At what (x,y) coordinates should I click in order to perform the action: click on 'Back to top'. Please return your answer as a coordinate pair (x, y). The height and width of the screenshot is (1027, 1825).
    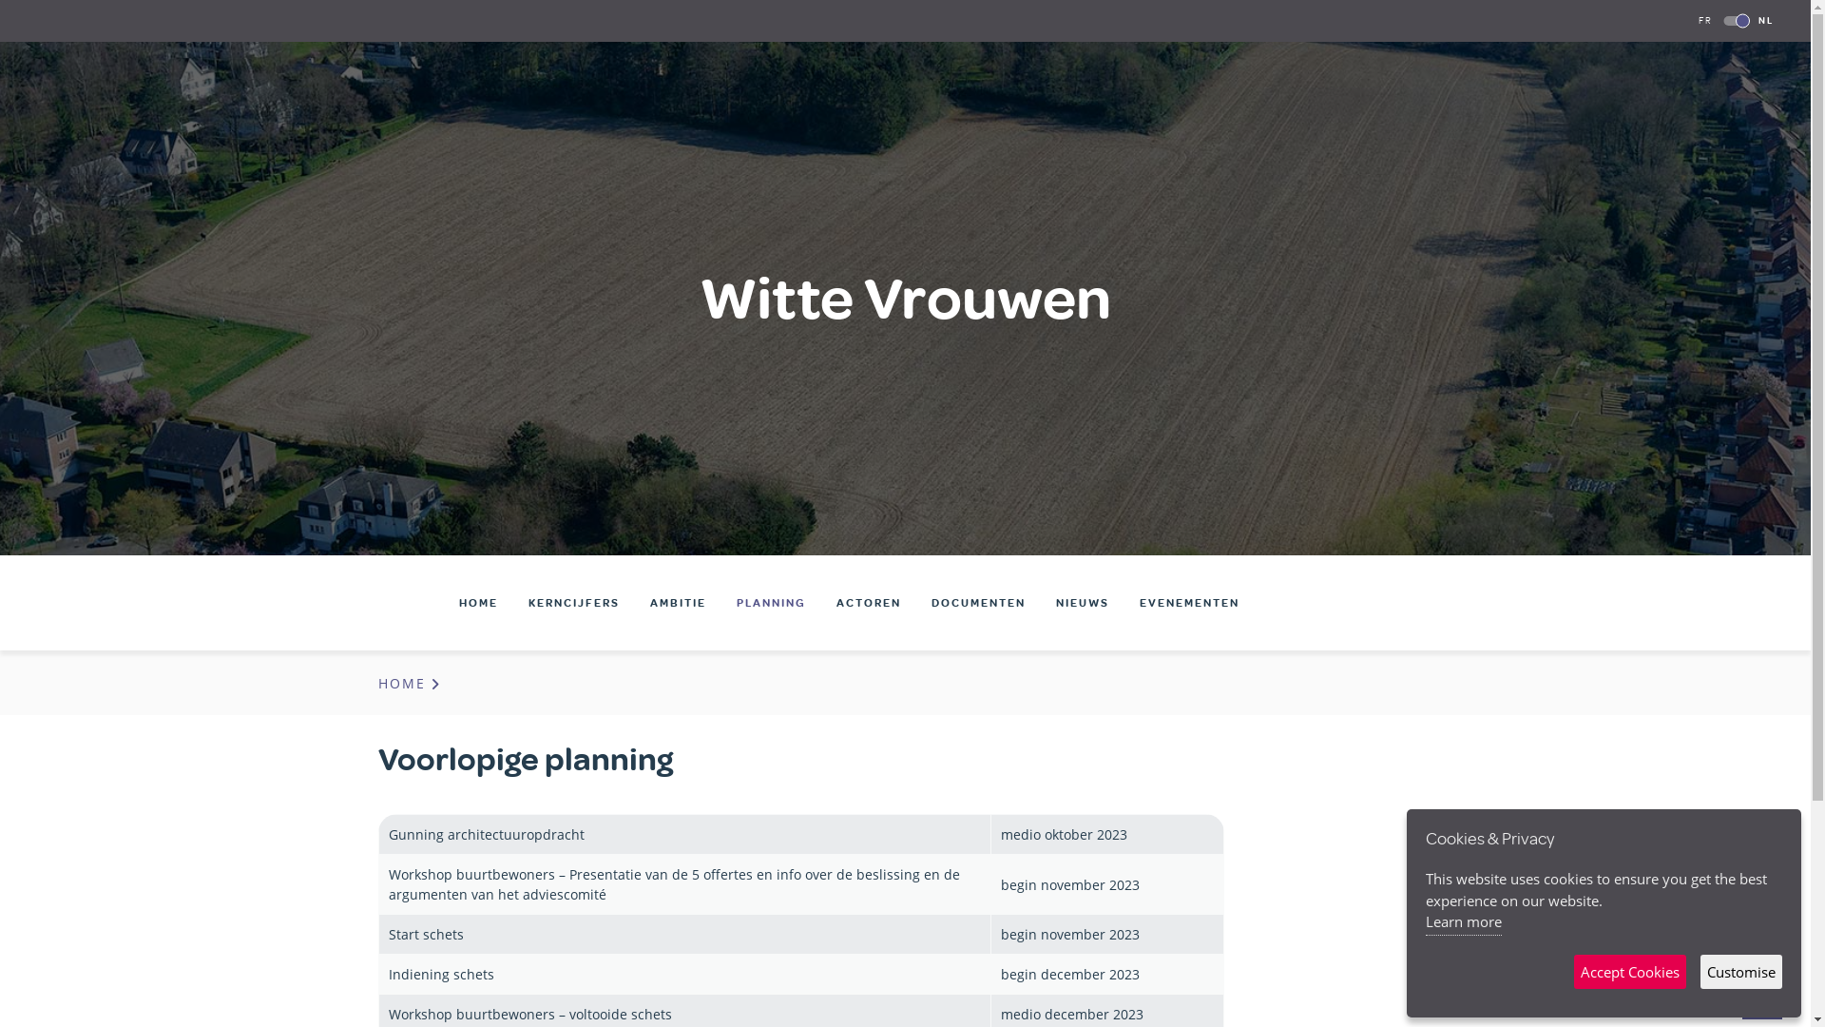
    Looking at the image, I should click on (1742, 1003).